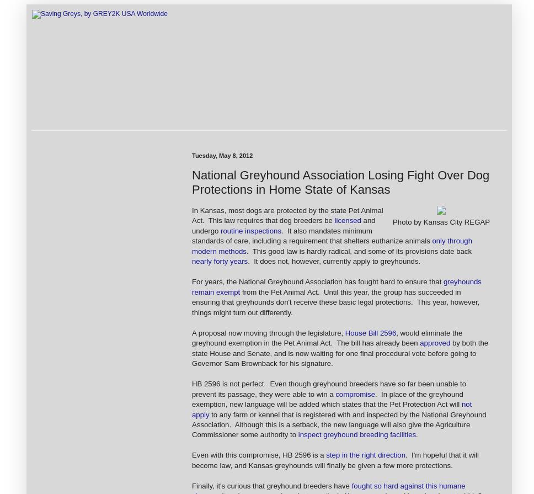 The width and height of the screenshot is (534, 494). Describe the element at coordinates (191, 156) in the screenshot. I see `'Tuesday, May 8, 2012'` at that location.